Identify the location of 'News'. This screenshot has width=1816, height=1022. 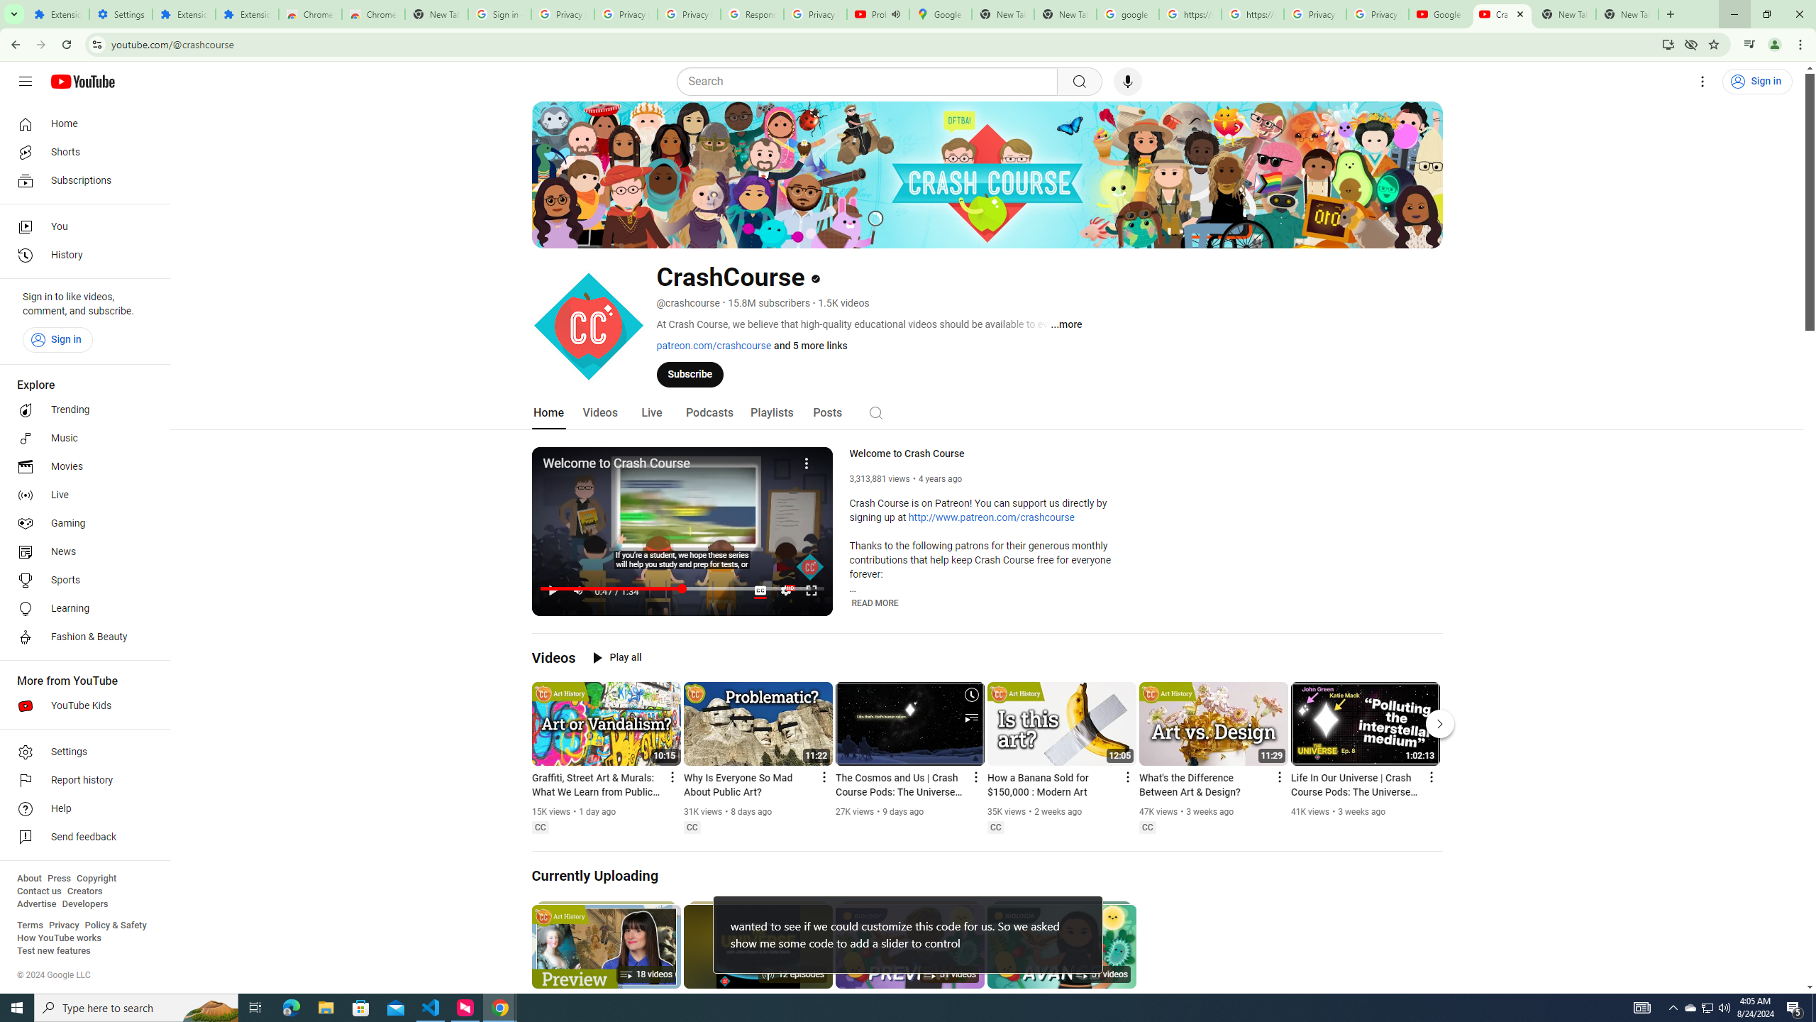
(80, 551).